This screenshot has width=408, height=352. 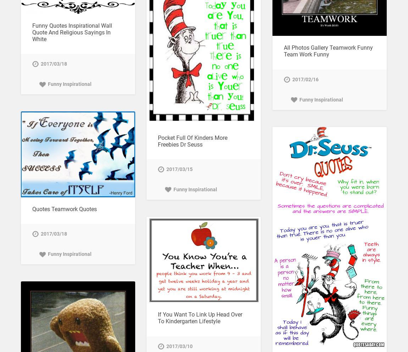 What do you see at coordinates (71, 32) in the screenshot?
I see `'Funny Quotes  Inspirational Wall Quote And Religious Sayings In White'` at bounding box center [71, 32].